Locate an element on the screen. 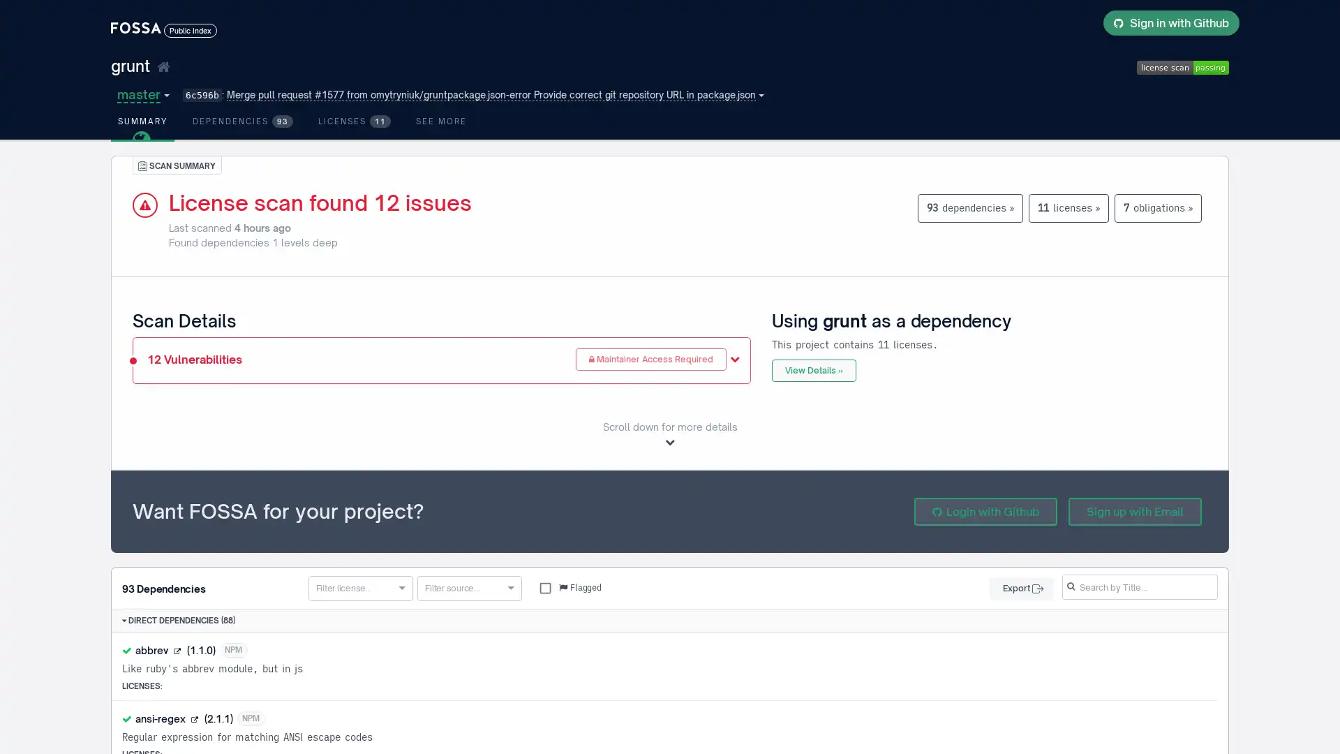 The height and width of the screenshot is (754, 1340). Maintainer Access Required is located at coordinates (649, 359).